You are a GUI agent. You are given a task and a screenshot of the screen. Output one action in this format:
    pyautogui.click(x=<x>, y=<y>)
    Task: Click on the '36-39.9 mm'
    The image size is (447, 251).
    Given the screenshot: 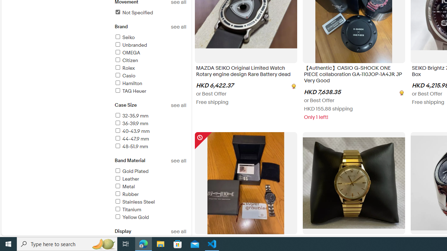 What is the action you would take?
    pyautogui.click(x=150, y=123)
    